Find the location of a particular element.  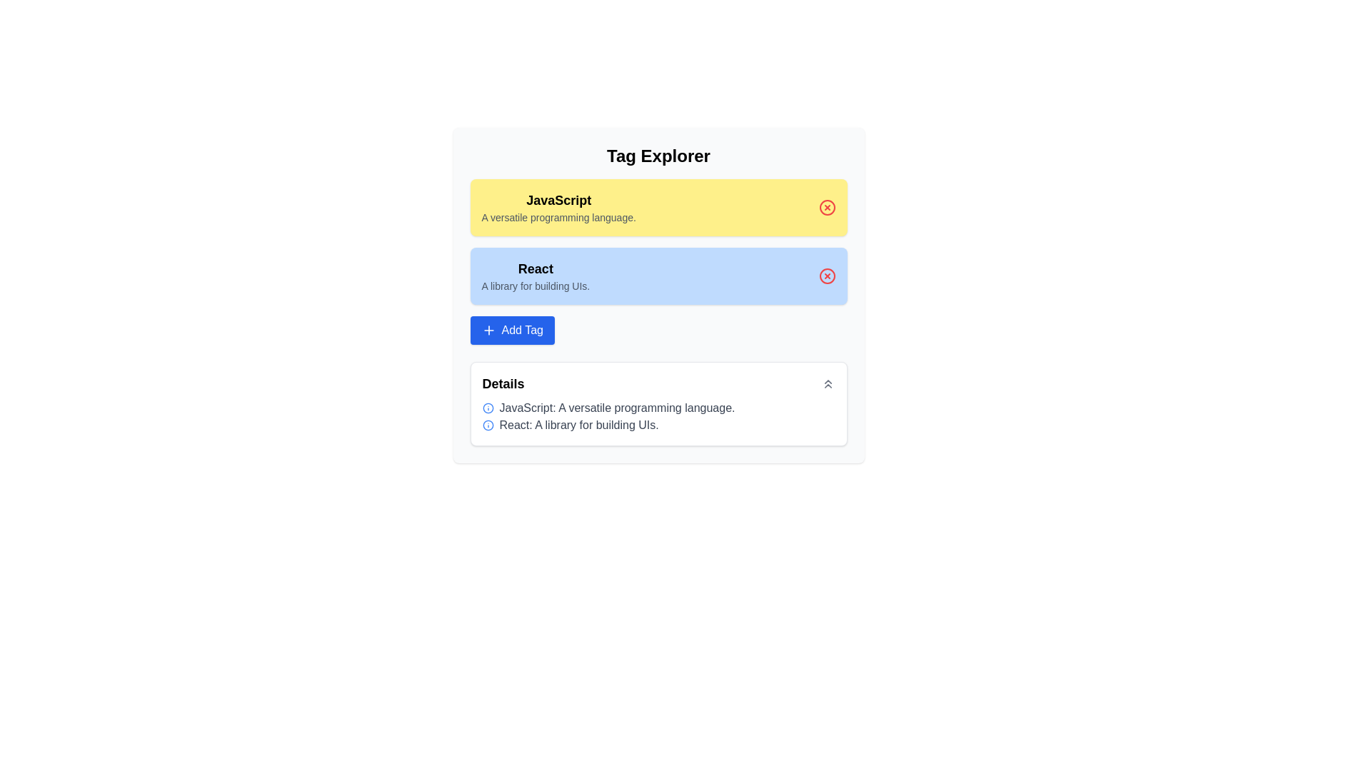

the interactive button represented by an icon with two up-pointing chevrons, located at the far-right of the 'Details' section is located at coordinates (828, 383).